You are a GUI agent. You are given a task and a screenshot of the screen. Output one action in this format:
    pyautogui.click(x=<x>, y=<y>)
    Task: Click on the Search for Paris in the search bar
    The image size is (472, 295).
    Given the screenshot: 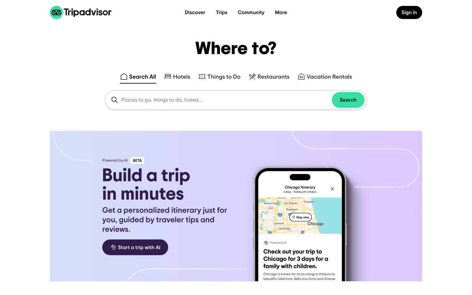 What is the action you would take?
    pyautogui.click(x=177, y=74)
    